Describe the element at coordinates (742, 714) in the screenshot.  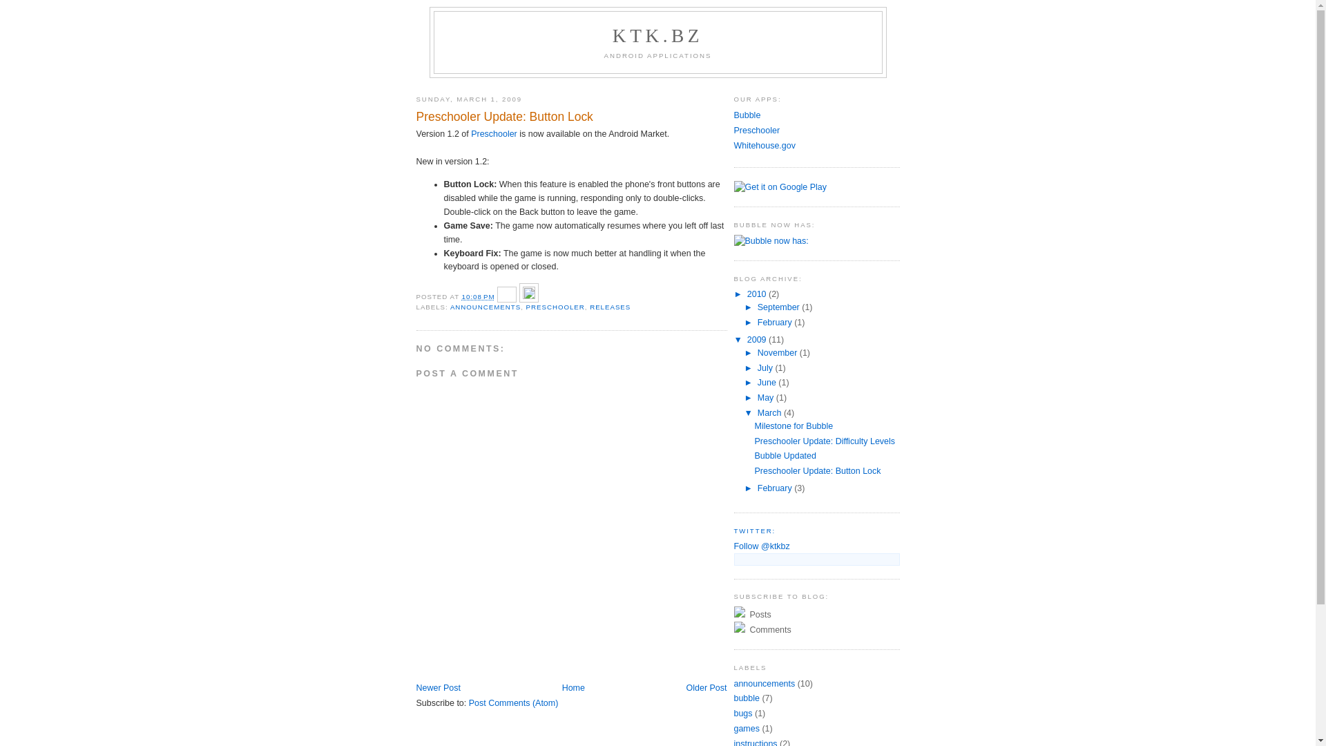
I see `'bugs'` at that location.